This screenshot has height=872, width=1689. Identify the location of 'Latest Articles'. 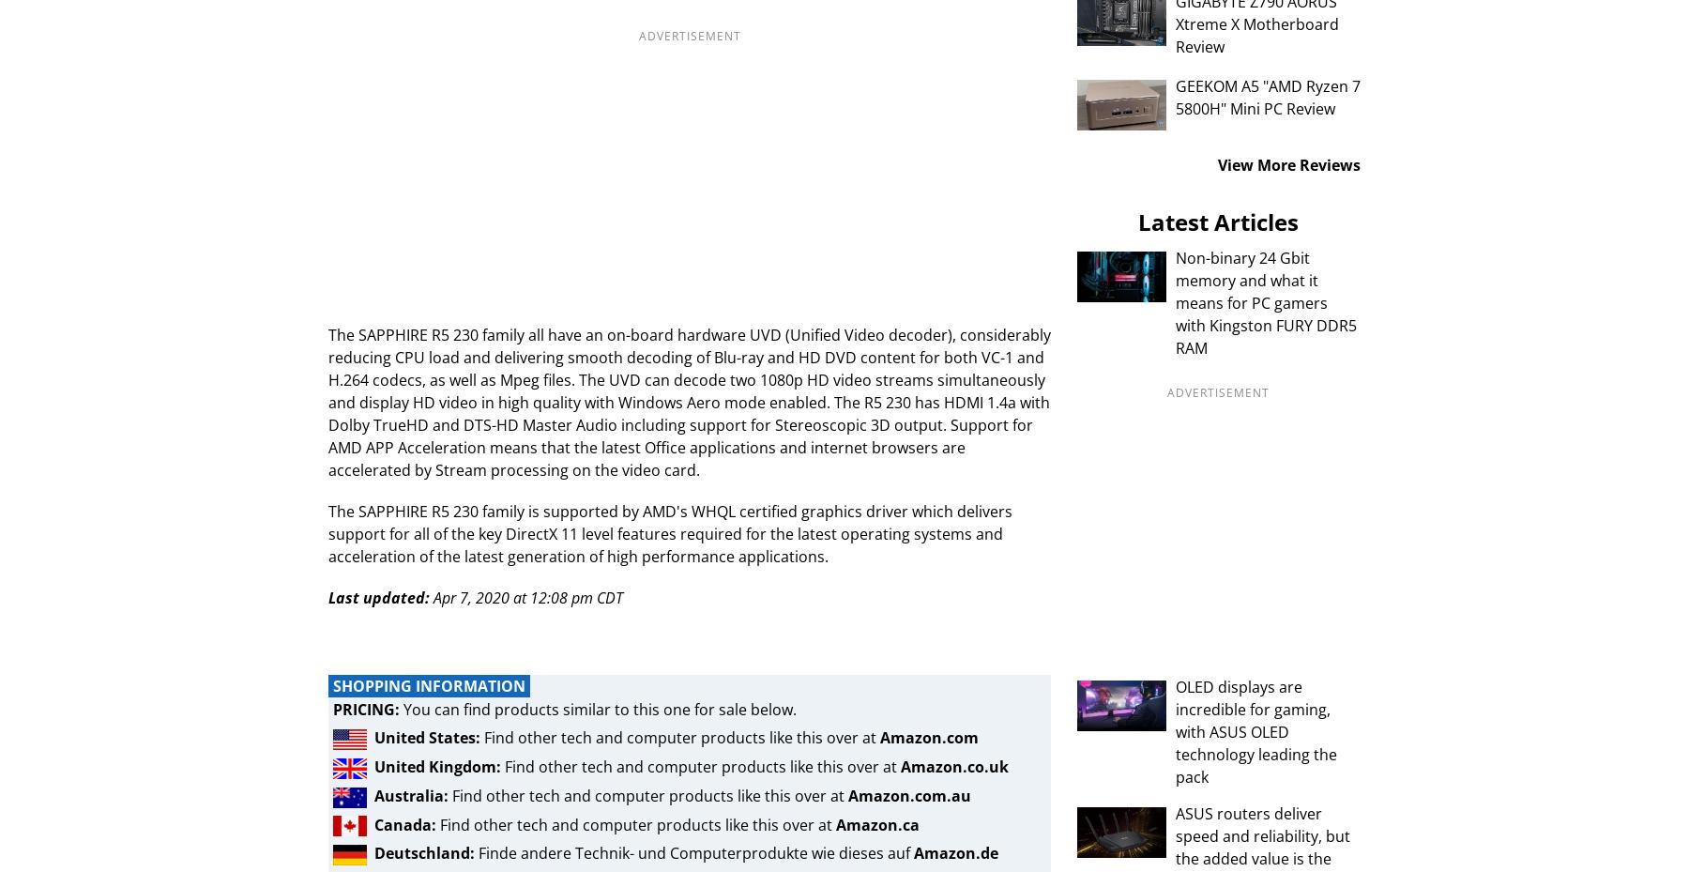
(1218, 221).